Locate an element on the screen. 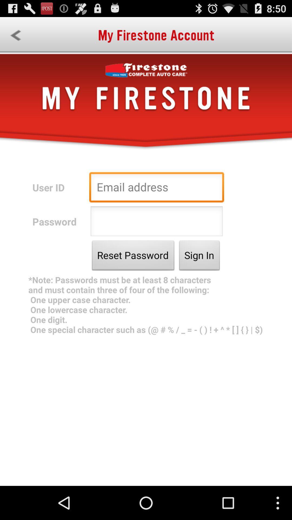  sign in item is located at coordinates (199, 256).